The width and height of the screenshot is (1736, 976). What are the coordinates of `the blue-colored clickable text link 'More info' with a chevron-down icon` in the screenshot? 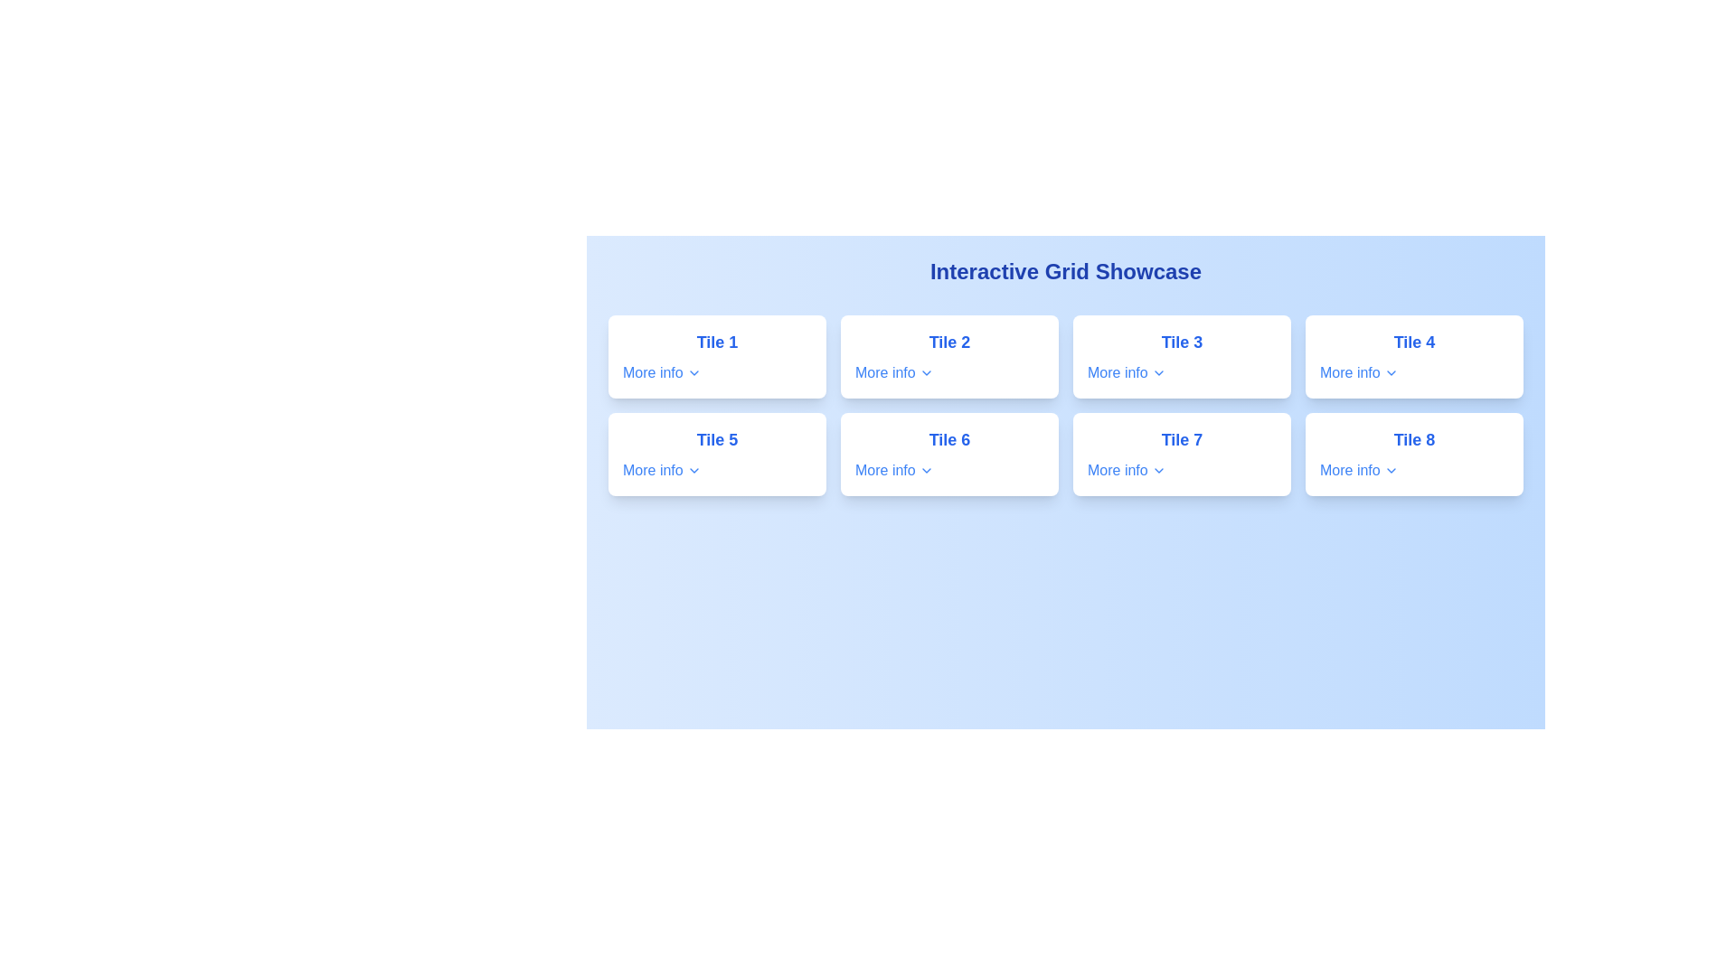 It's located at (1126, 371).